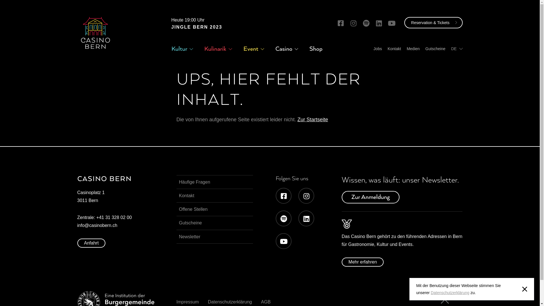 The height and width of the screenshot is (306, 544). I want to click on 'Gutscheine', so click(214, 222).